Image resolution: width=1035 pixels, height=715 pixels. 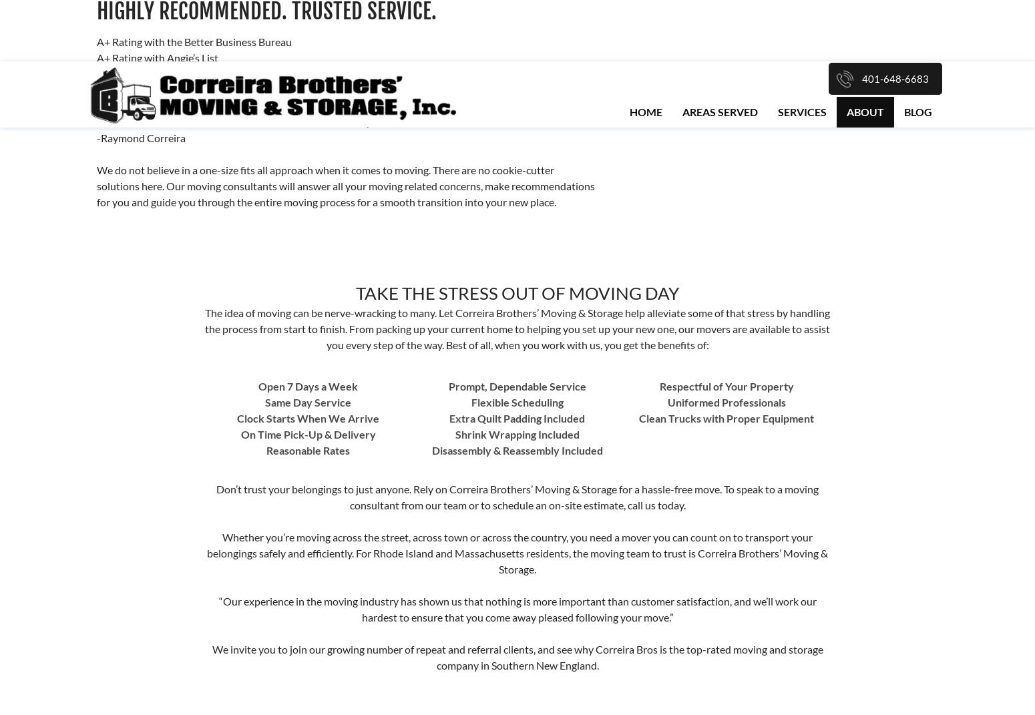 I want to click on 'Correira Bros, Inc. is fully licensed, bonded and insured. Correira Bros, Inc. carries general liability insurance, cargo coverage and workers’ compensation. Correira Bros, Inc. is licensed by the Federal Motor Carrier Safety Administration U.S. DOT # 3095364, MC # 74304.', so click(x=100, y=383).